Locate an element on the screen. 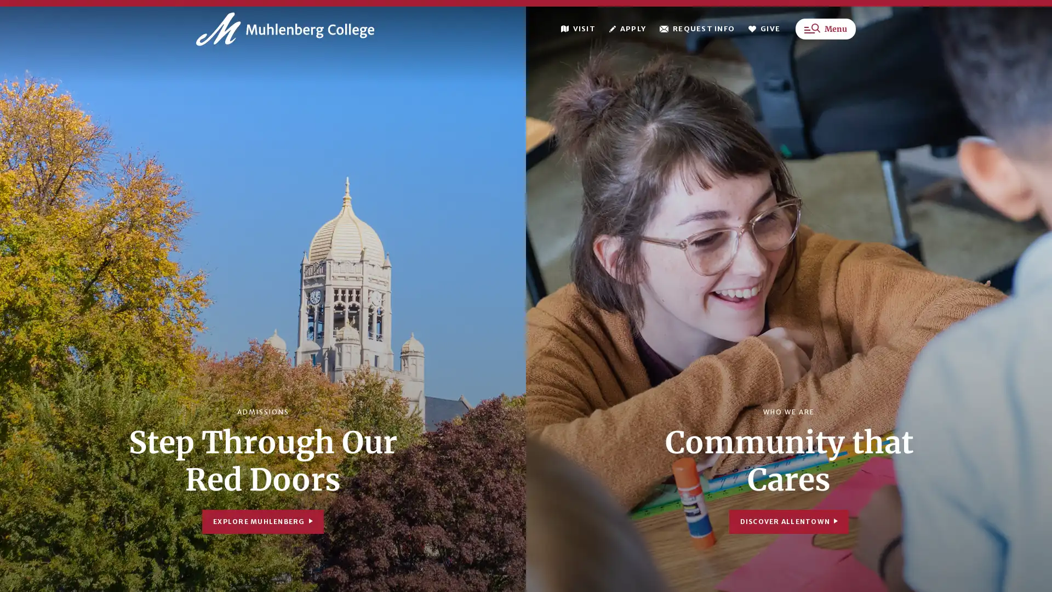 Image resolution: width=1052 pixels, height=592 pixels. Menu is located at coordinates (826, 37).